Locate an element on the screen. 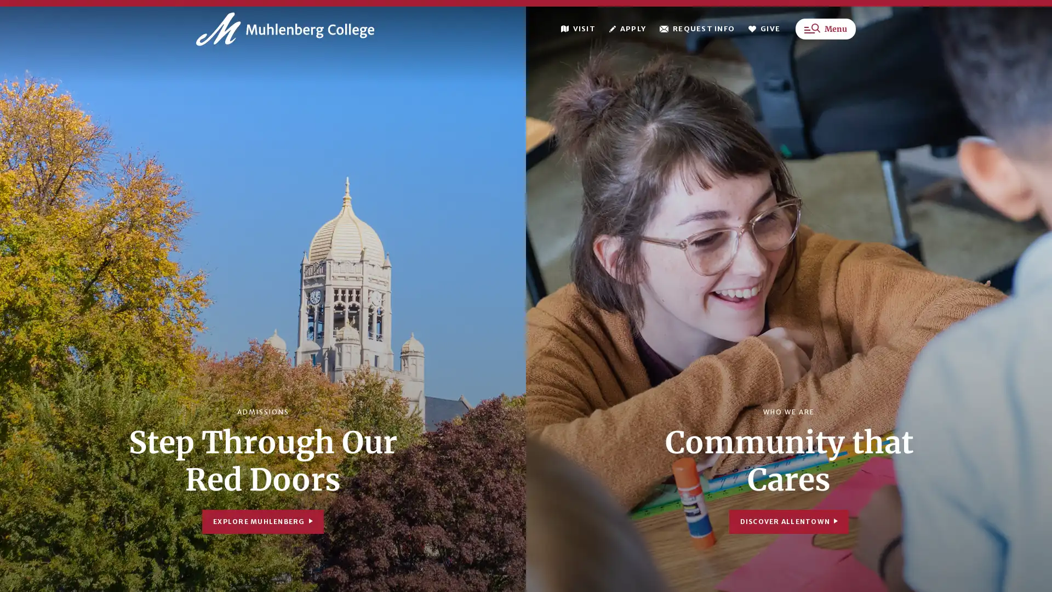 Image resolution: width=1052 pixels, height=592 pixels. Menu is located at coordinates (826, 37).